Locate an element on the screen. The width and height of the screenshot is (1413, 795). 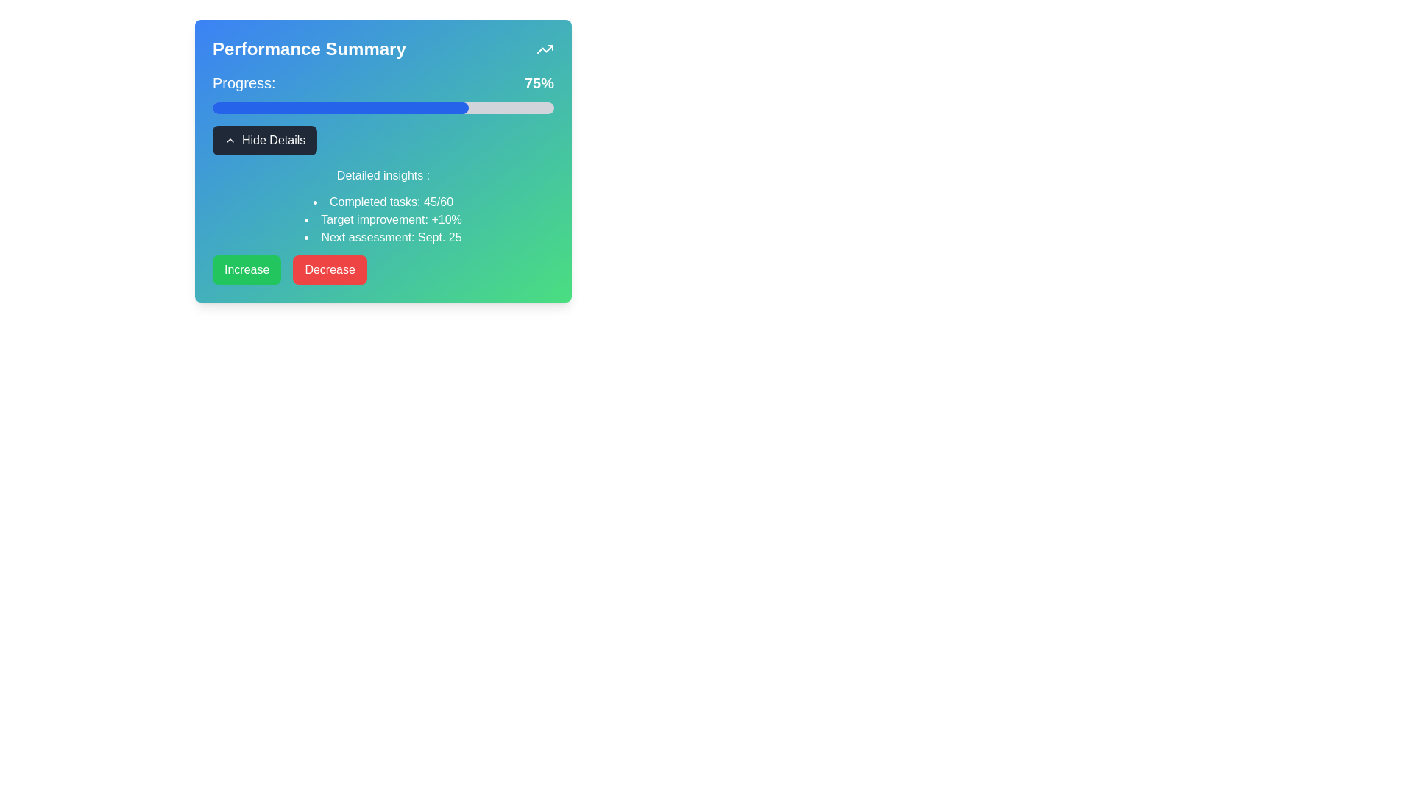
the green button labeled 'Increase' to observe the hover effects is located at coordinates (247, 269).